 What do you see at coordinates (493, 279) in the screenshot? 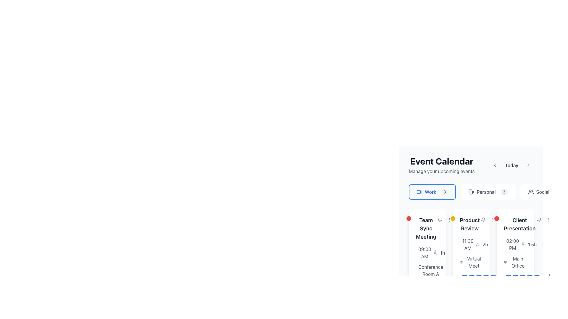
I see `Participant identifier badge element, which is a circular badge with a gradient blue background and the letter 'E' in white, located in the lower section of the Event Calendar panel` at bounding box center [493, 279].